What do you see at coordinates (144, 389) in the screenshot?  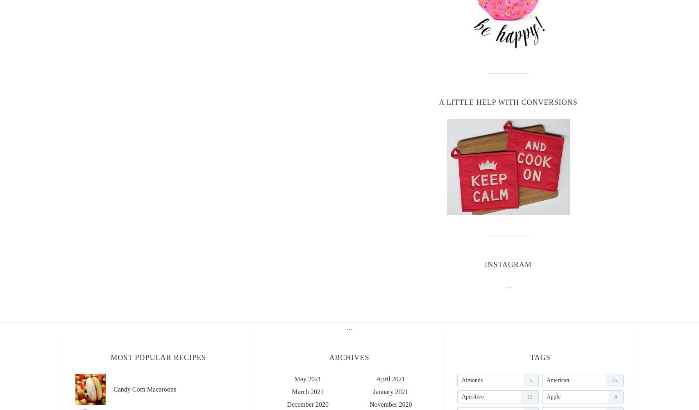 I see `'Candy Corn Macaroons'` at bounding box center [144, 389].